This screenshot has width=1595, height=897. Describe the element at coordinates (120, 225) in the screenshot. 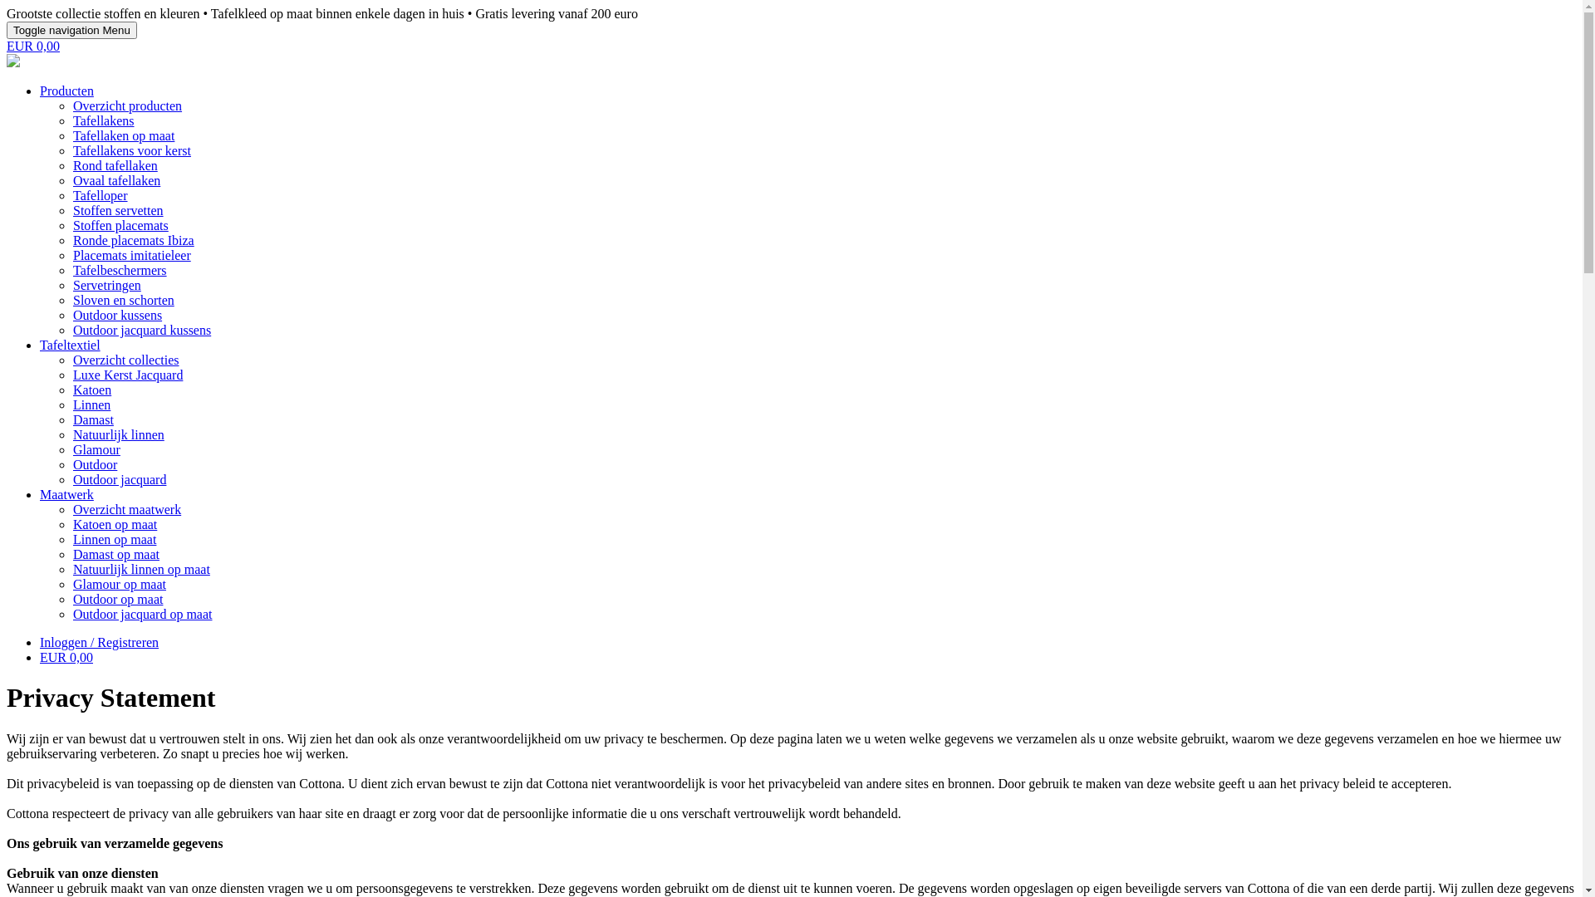

I see `'Stoffen placemats'` at that location.